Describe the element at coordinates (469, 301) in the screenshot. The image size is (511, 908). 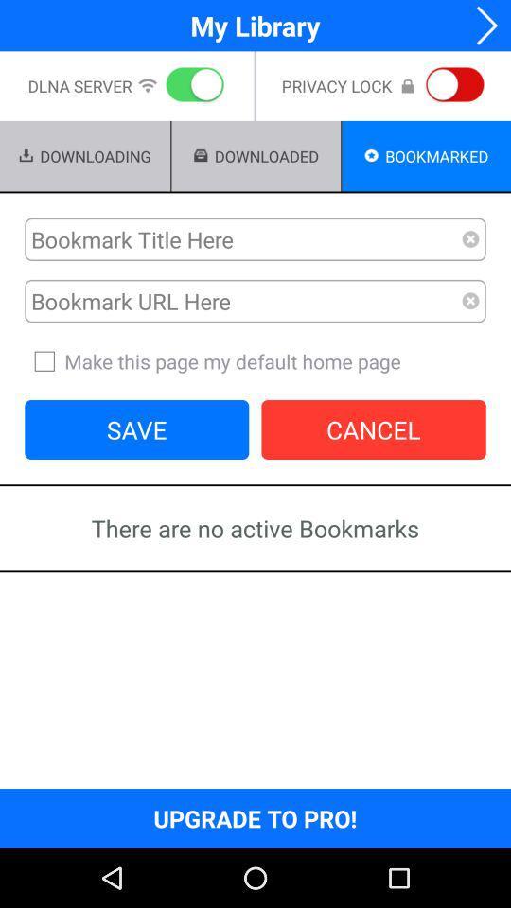
I see `the icon above make this page` at that location.